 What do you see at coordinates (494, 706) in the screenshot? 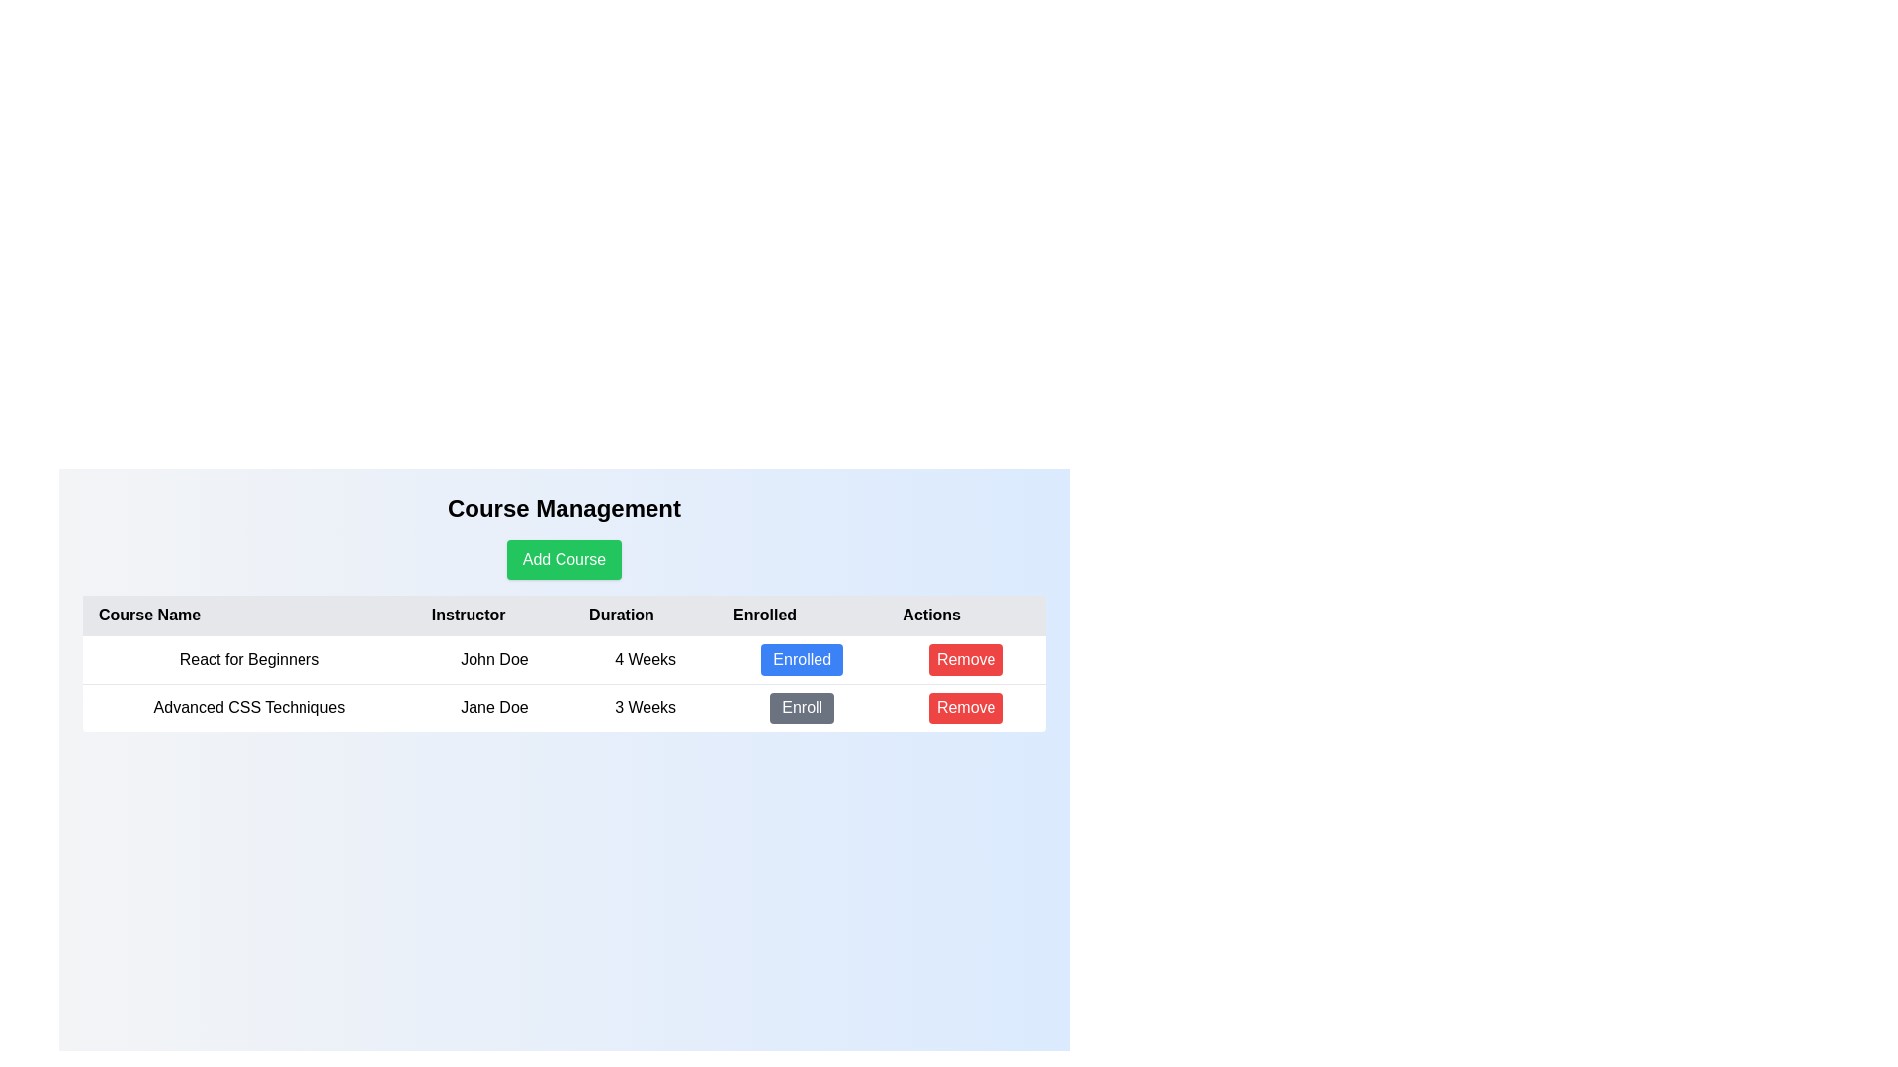
I see `the static text displaying the instructor's name for the 'Advanced CSS Techniques' course` at bounding box center [494, 706].